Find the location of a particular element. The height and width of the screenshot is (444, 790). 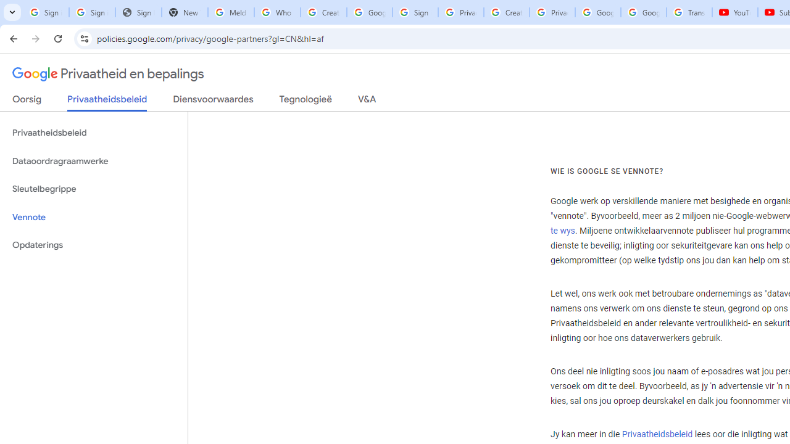

'Who is my administrator? - Google Account Help' is located at coordinates (276, 12).